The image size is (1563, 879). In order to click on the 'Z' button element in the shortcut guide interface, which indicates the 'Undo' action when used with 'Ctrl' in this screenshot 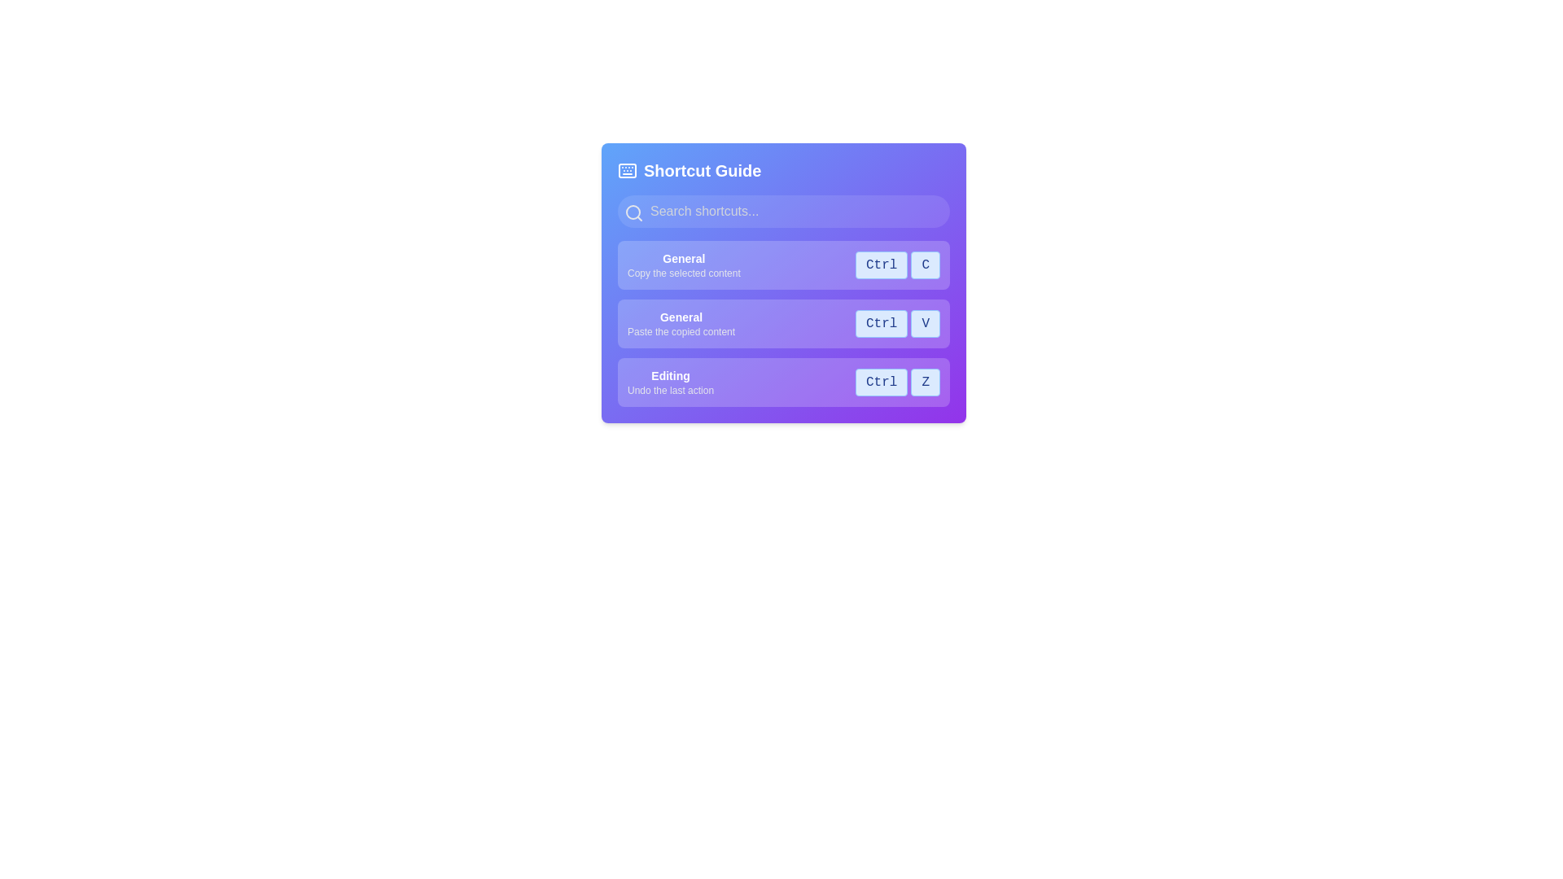, I will do `click(926, 383)`.